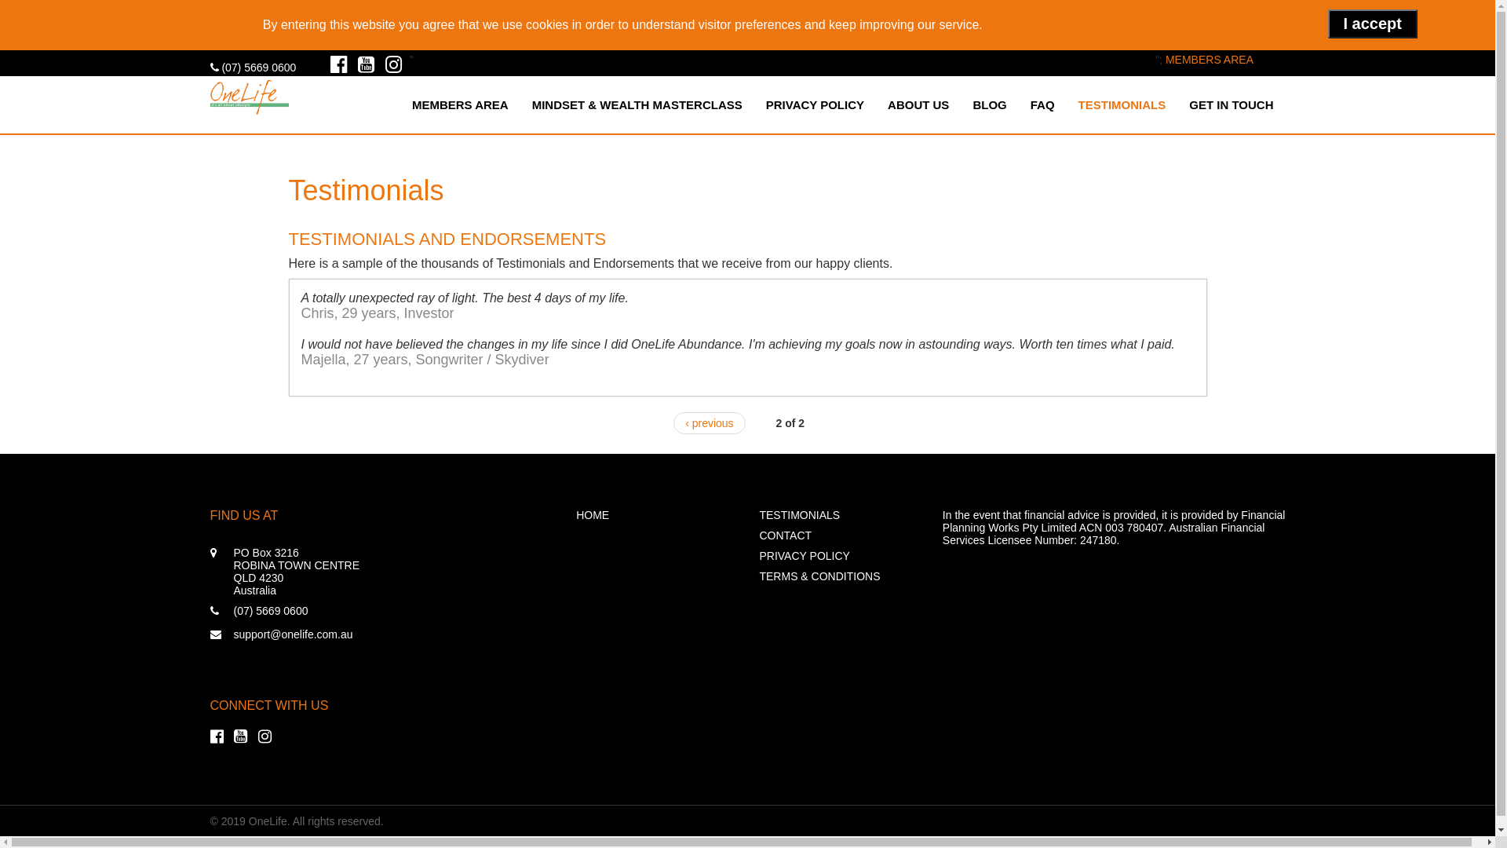 The image size is (1507, 848). I want to click on 'TESTIMONIALS', so click(758, 514).